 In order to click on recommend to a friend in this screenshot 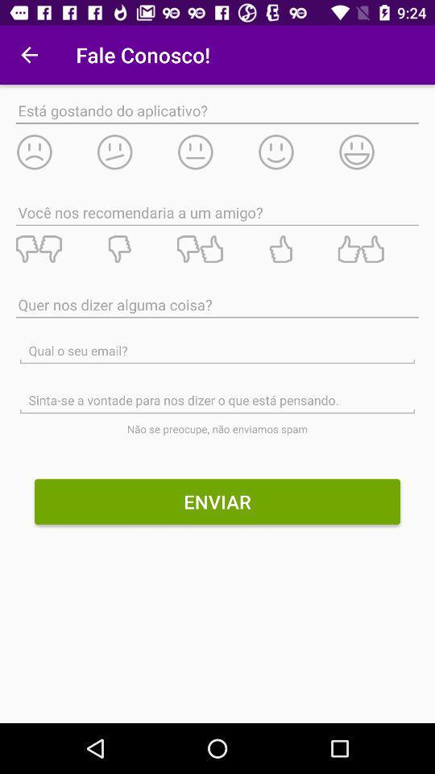, I will do `click(378, 249)`.